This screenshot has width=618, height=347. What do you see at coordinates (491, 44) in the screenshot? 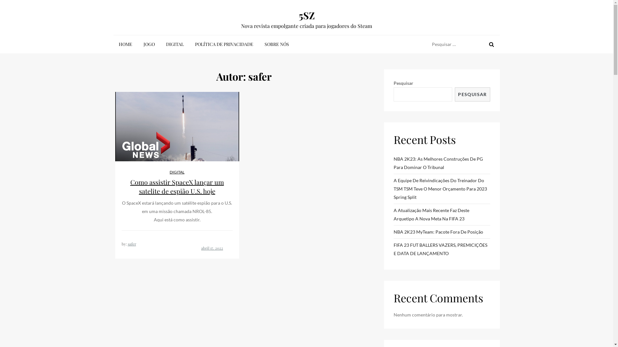
I see `'Search'` at bounding box center [491, 44].